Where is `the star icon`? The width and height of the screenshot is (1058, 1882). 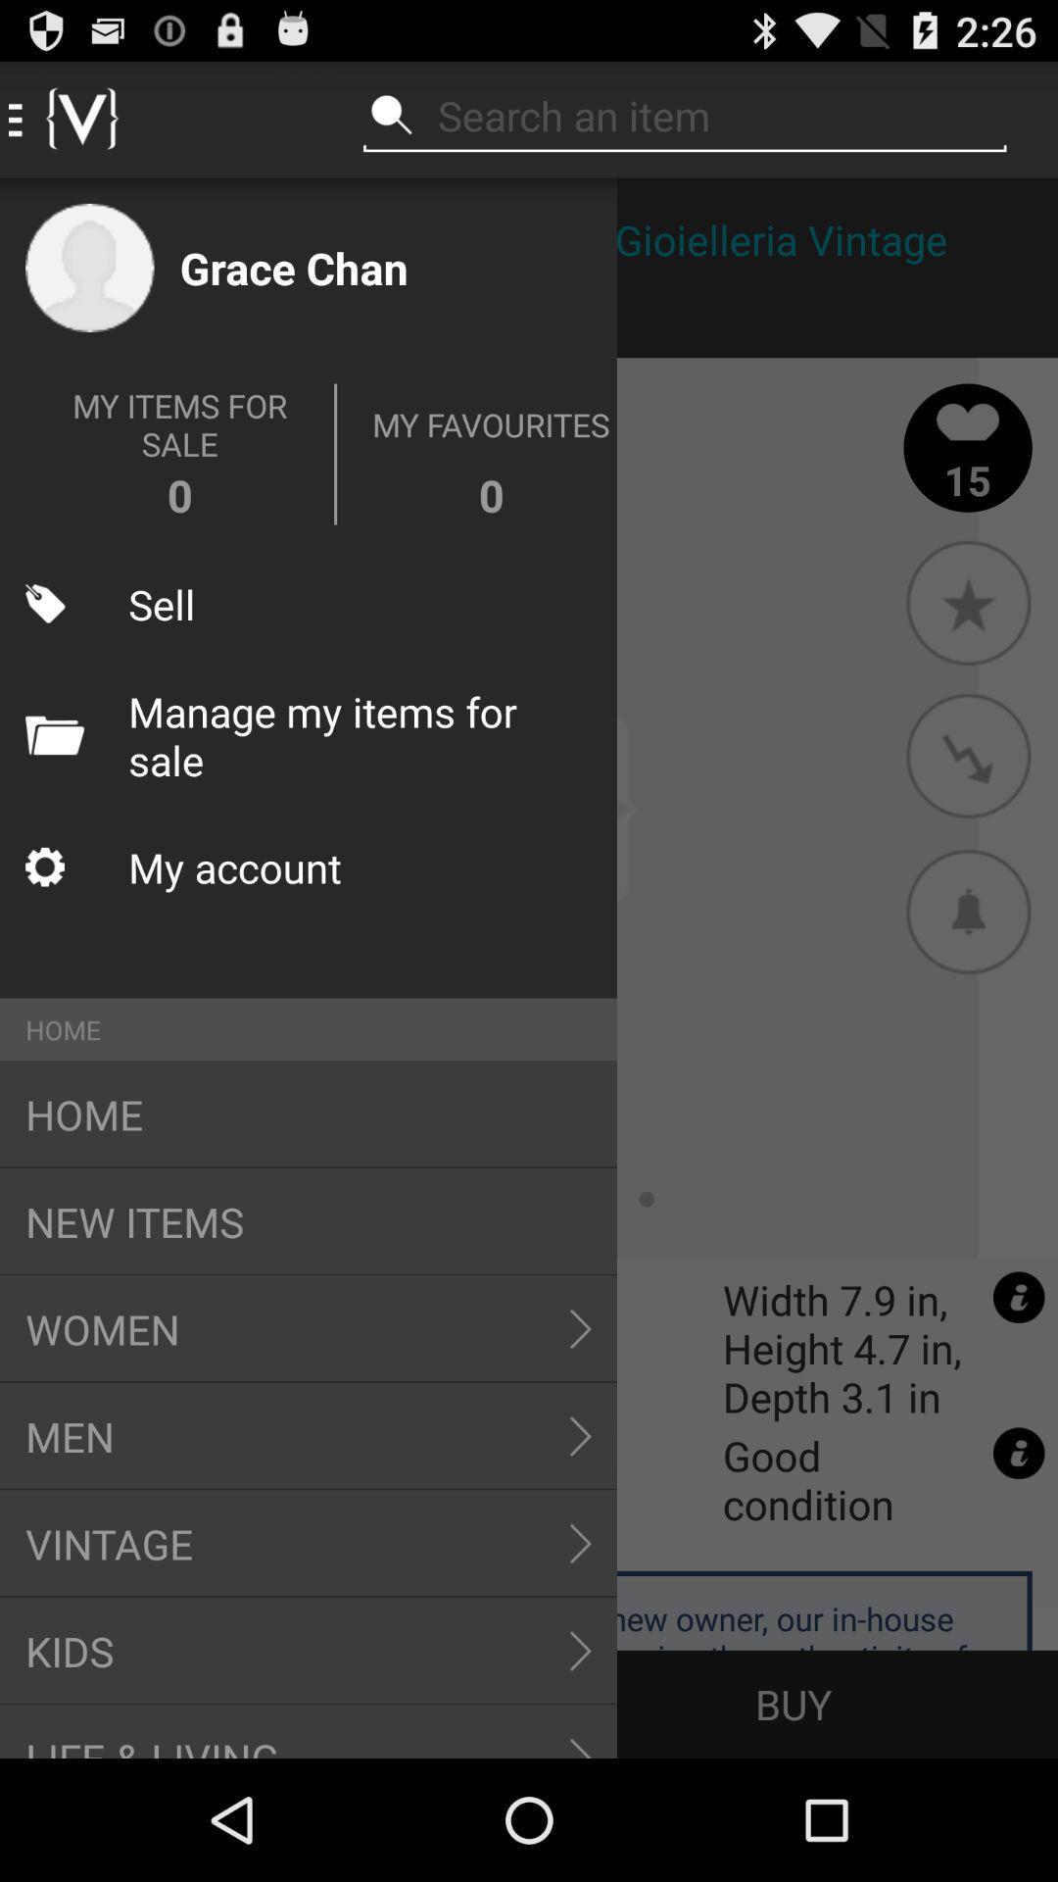 the star icon is located at coordinates (967, 644).